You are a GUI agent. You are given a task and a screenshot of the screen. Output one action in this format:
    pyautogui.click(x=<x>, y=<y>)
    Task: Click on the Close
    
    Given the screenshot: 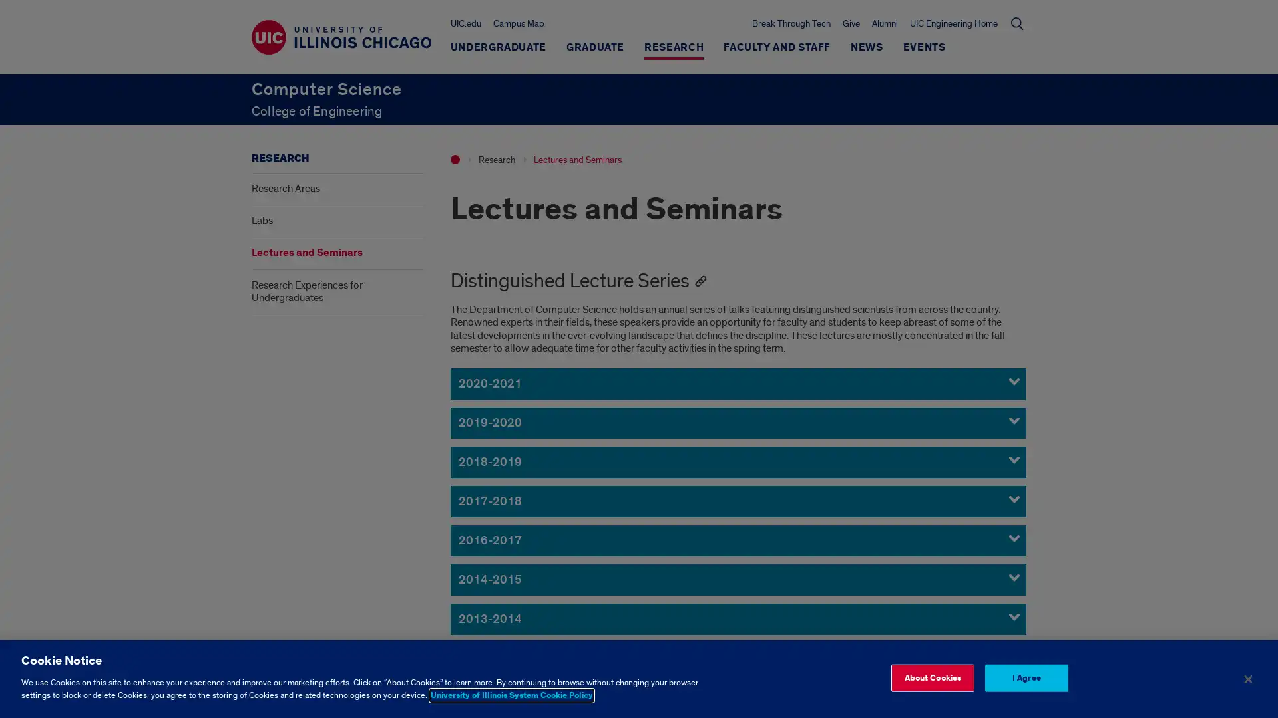 What is the action you would take?
    pyautogui.click(x=1247, y=679)
    